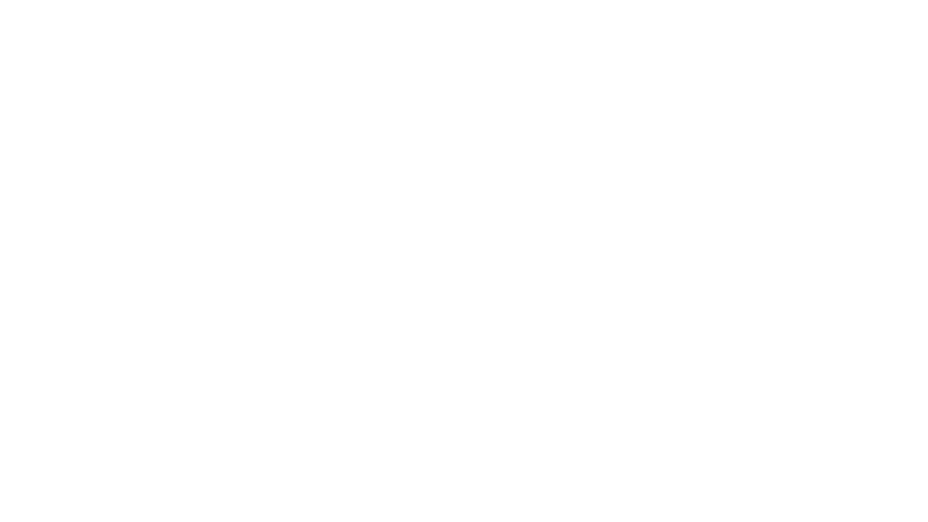 This screenshot has width=928, height=522. Describe the element at coordinates (651, 153) in the screenshot. I see `Log in` at that location.